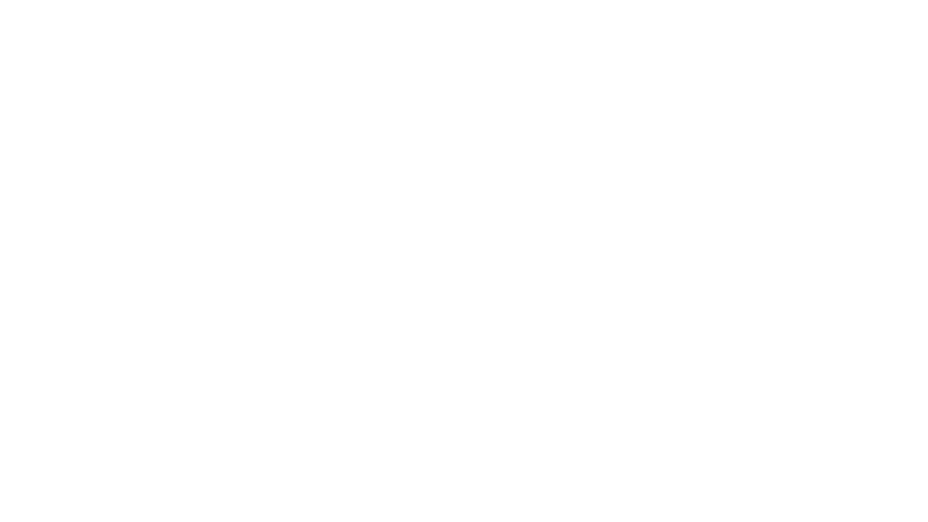 This screenshot has width=928, height=522. Describe the element at coordinates (651, 153) in the screenshot. I see `Log in` at that location.